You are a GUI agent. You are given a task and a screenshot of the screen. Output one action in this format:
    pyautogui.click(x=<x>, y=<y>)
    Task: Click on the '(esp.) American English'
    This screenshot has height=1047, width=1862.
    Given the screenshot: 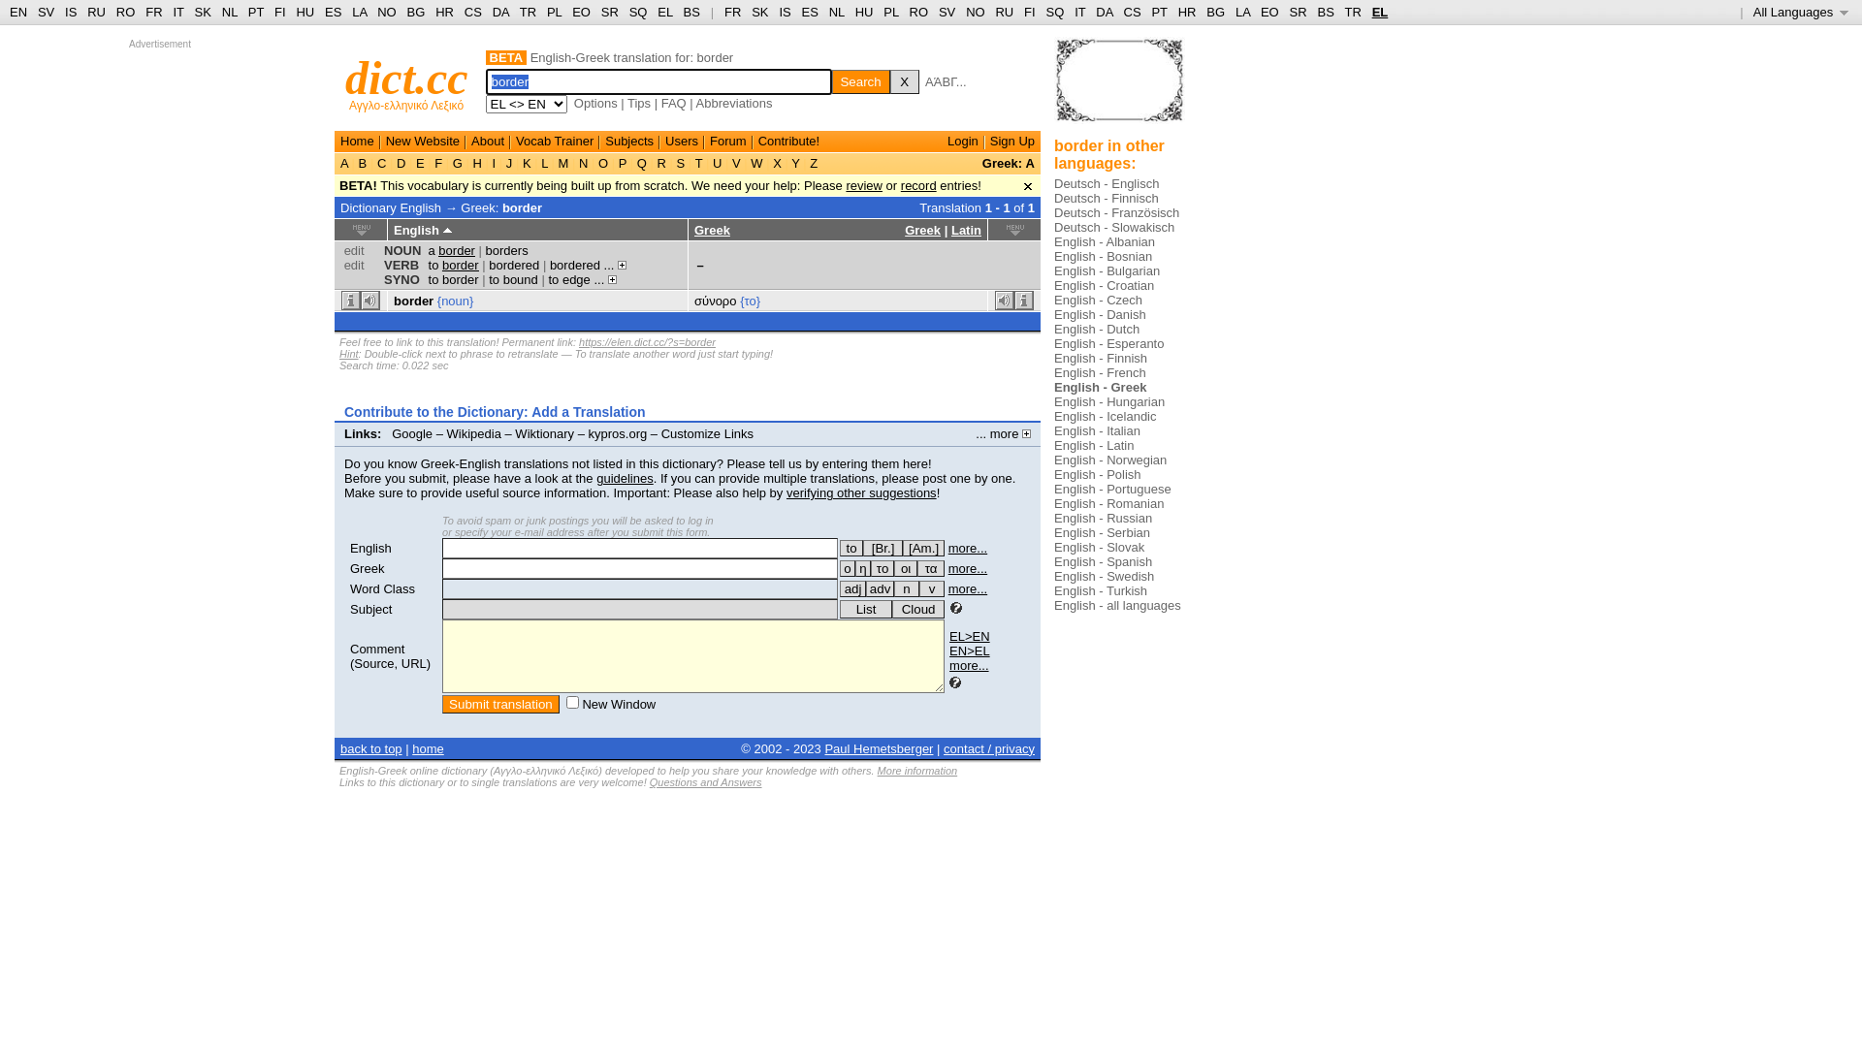 What is the action you would take?
    pyautogui.click(x=902, y=548)
    